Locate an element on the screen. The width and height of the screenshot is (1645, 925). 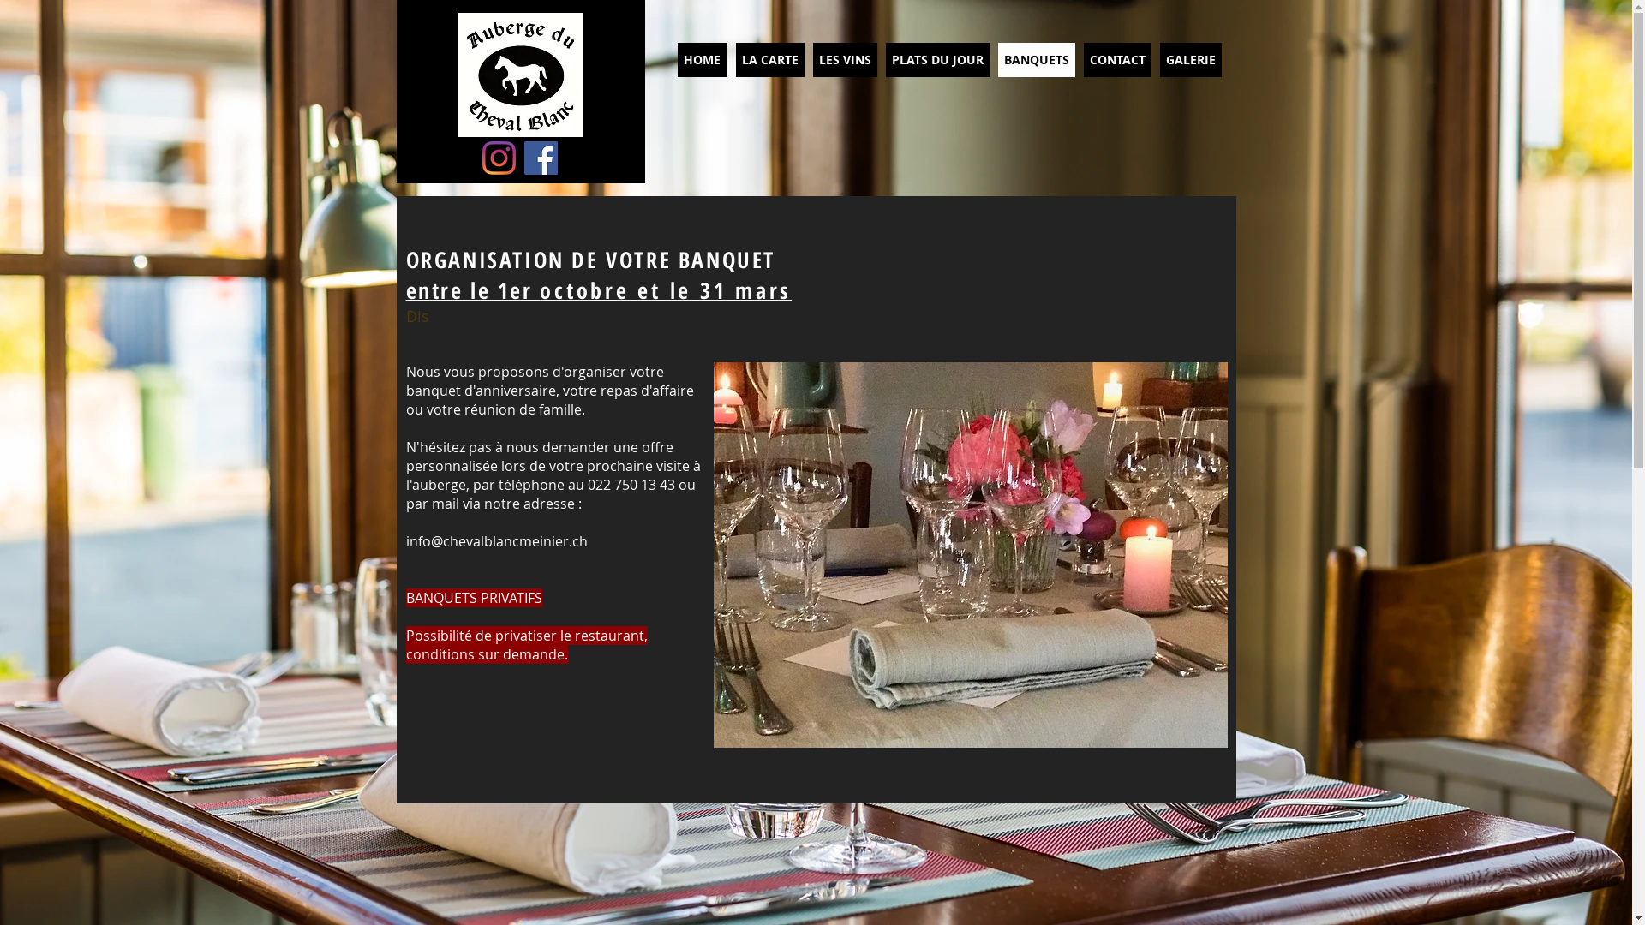
'info@chevalblancmeinier.ch' is located at coordinates (496, 541).